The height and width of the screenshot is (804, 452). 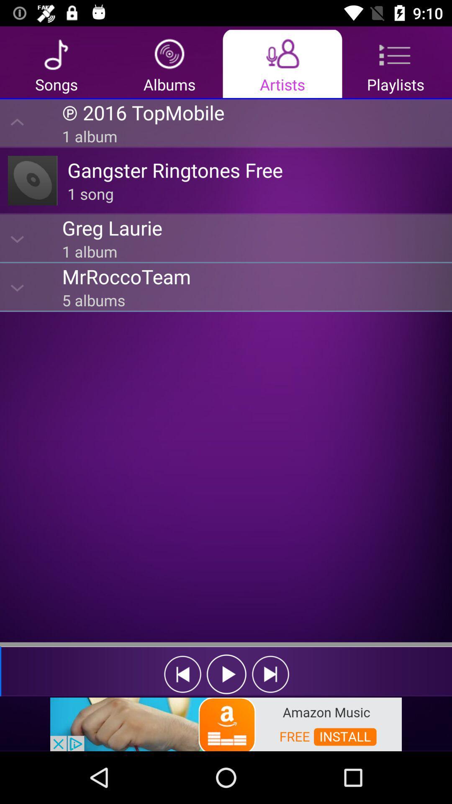 What do you see at coordinates (270, 674) in the screenshot?
I see `sekect the forward icon beside the play icon` at bounding box center [270, 674].